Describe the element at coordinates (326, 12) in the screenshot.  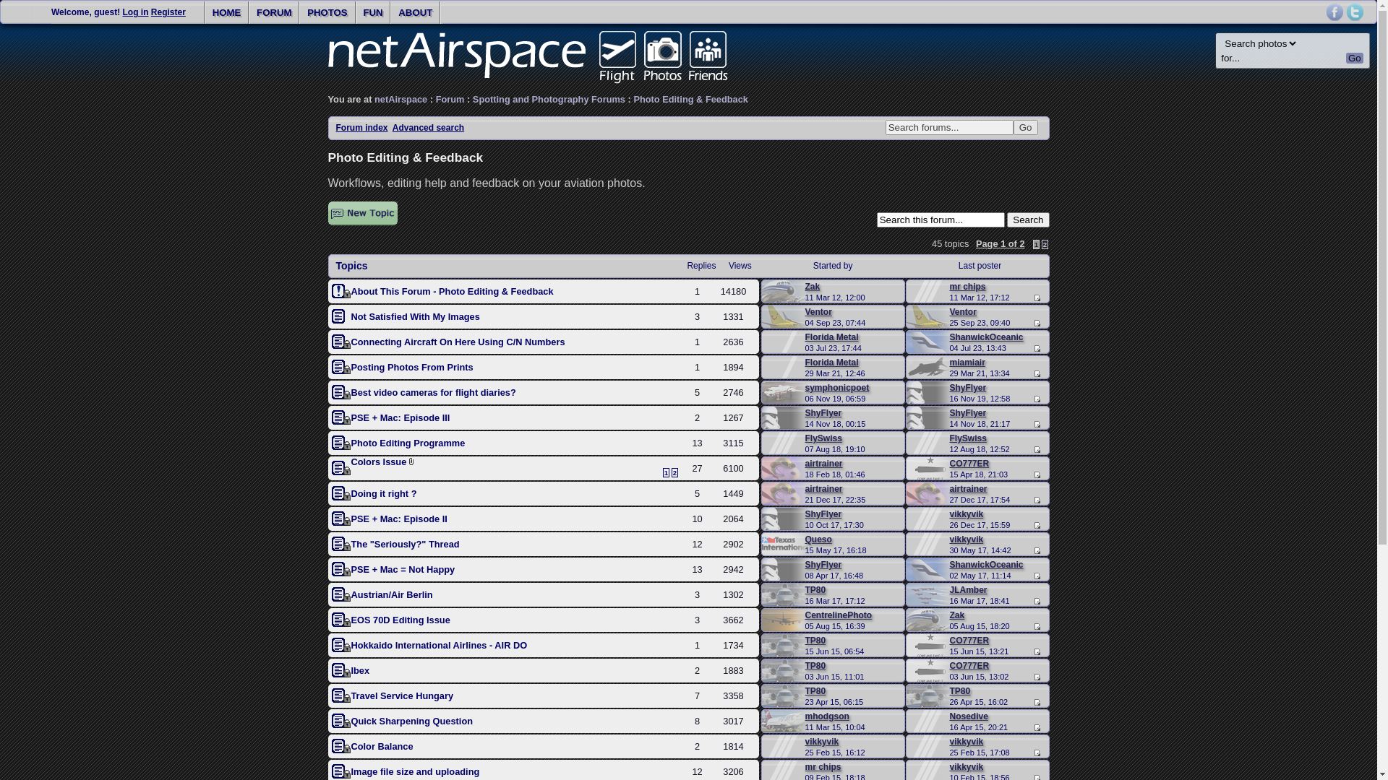
I see `'PHOTOS'` at that location.